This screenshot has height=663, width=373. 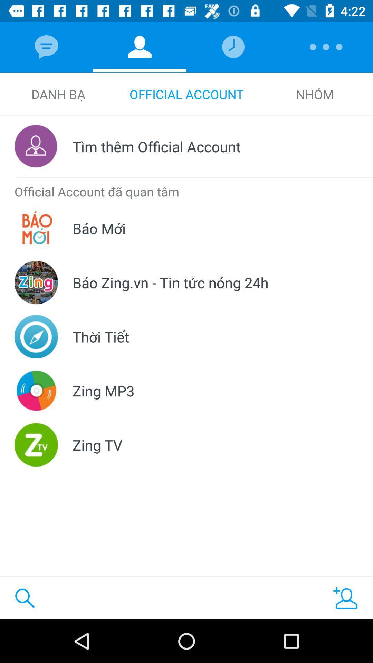 I want to click on the icon to the left of official account icon, so click(x=58, y=94).